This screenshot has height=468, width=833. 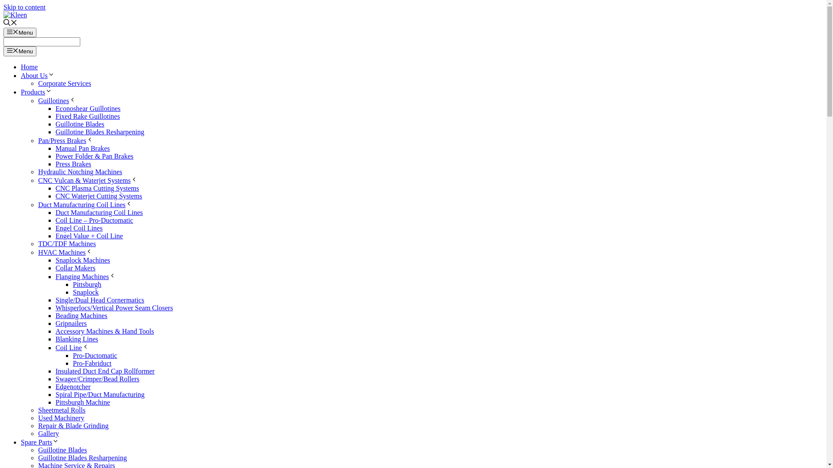 What do you see at coordinates (55, 323) in the screenshot?
I see `'Gripnailers'` at bounding box center [55, 323].